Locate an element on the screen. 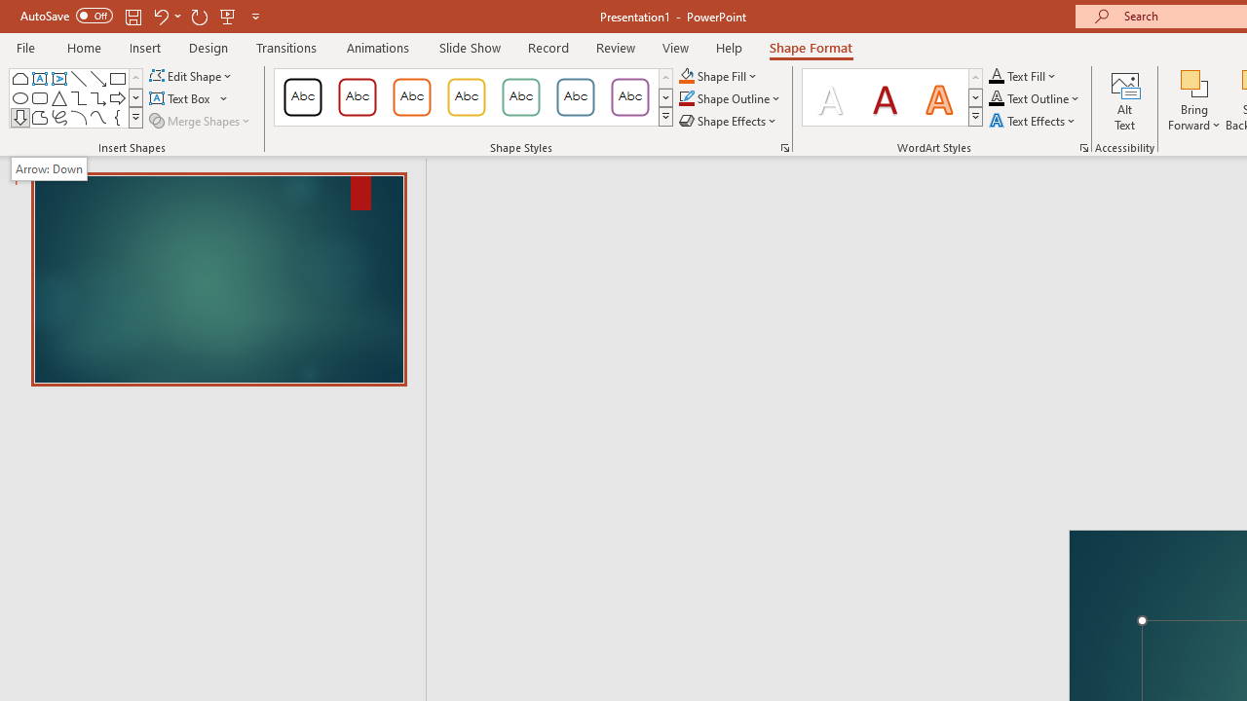 The width and height of the screenshot is (1247, 701). 'Colored Outline - Gold, Accent 3' is located at coordinates (465, 97).